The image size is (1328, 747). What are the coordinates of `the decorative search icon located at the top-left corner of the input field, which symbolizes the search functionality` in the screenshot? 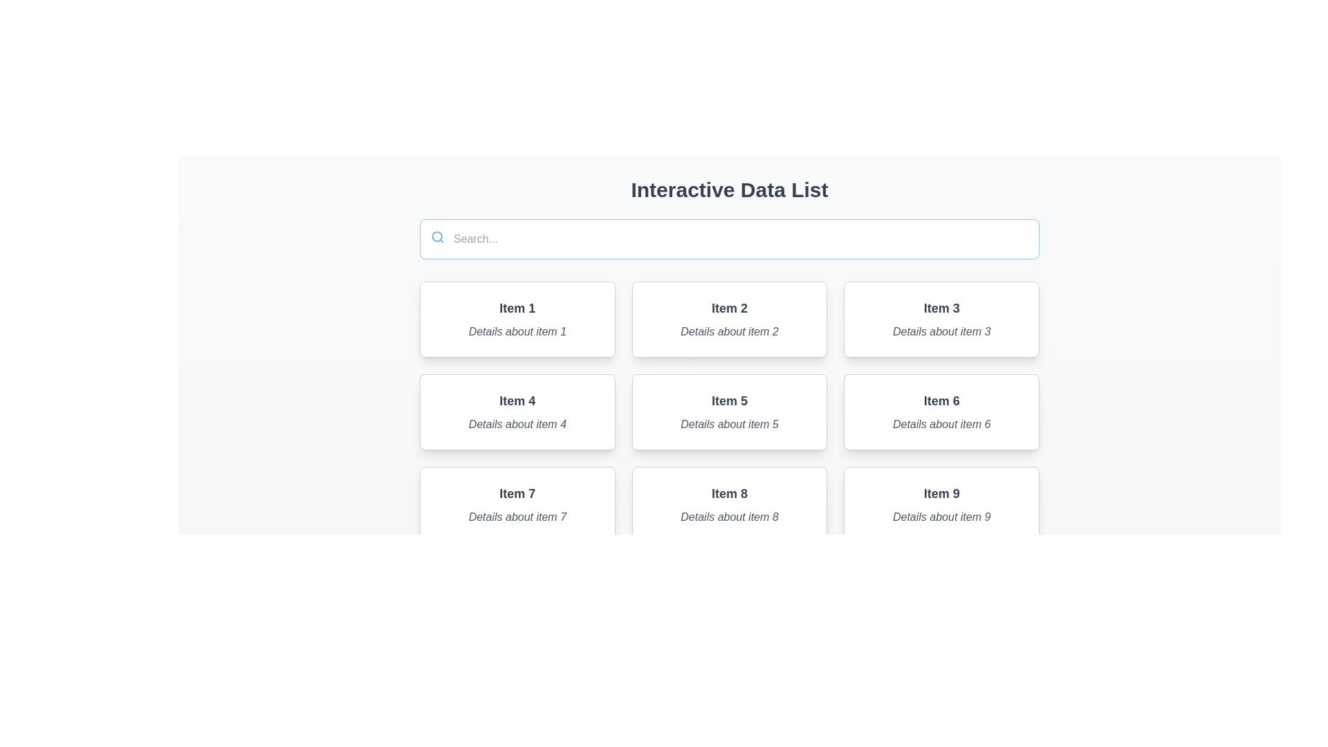 It's located at (437, 237).